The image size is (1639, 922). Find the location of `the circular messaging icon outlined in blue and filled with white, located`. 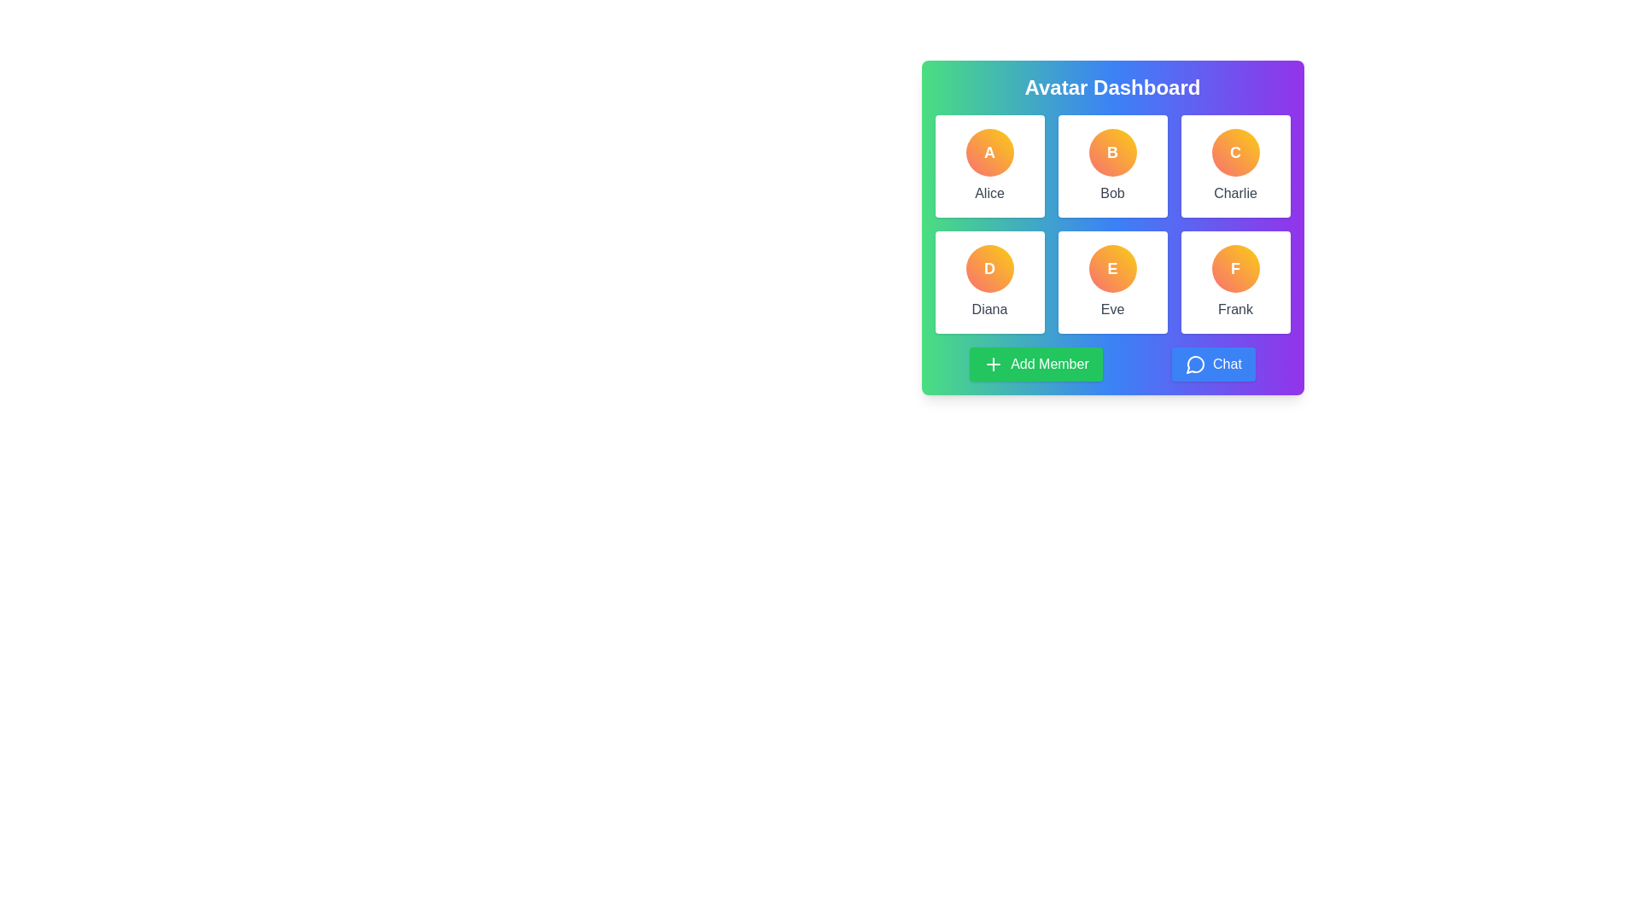

the circular messaging icon outlined in blue and filled with white, located is located at coordinates (1195, 364).